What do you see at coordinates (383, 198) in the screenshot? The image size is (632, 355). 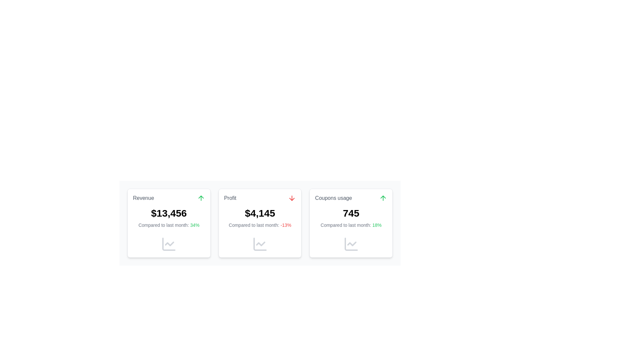 I see `the upward-pointing green arrow icon located in the top-right corner of the 'Coupons usage' card, indicating a positive trend` at bounding box center [383, 198].